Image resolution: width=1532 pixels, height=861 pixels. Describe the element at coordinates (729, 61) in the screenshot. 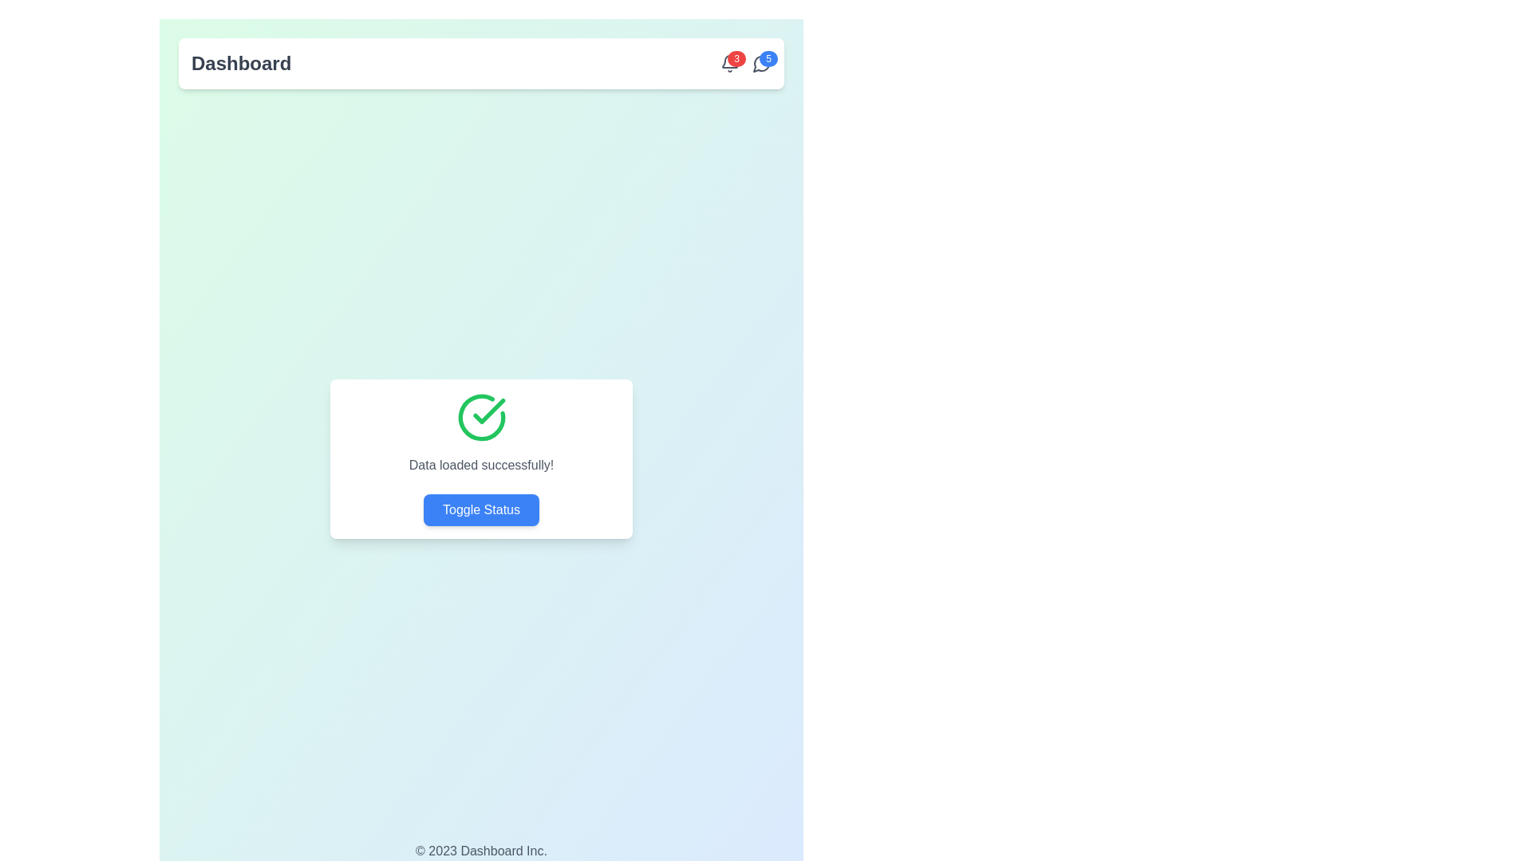

I see `the curved line element of the bell-shaped notification icon located at the top-right corner of the interface` at that location.